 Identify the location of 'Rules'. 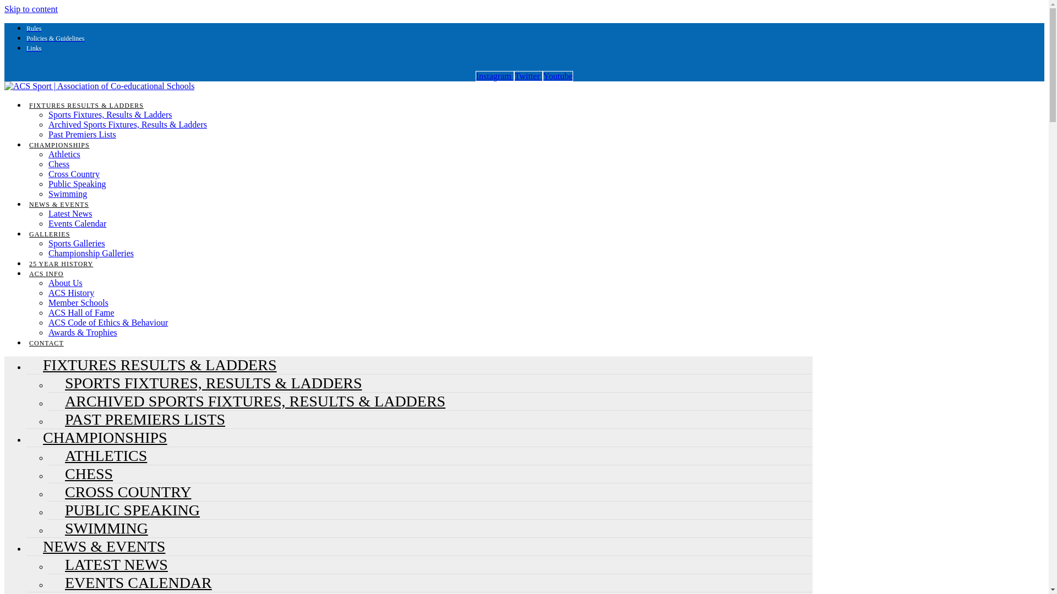
(34, 28).